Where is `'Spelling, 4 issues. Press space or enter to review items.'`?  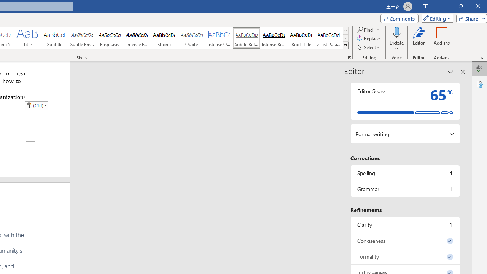
'Spelling, 4 issues. Press space or enter to review items.' is located at coordinates (404, 173).